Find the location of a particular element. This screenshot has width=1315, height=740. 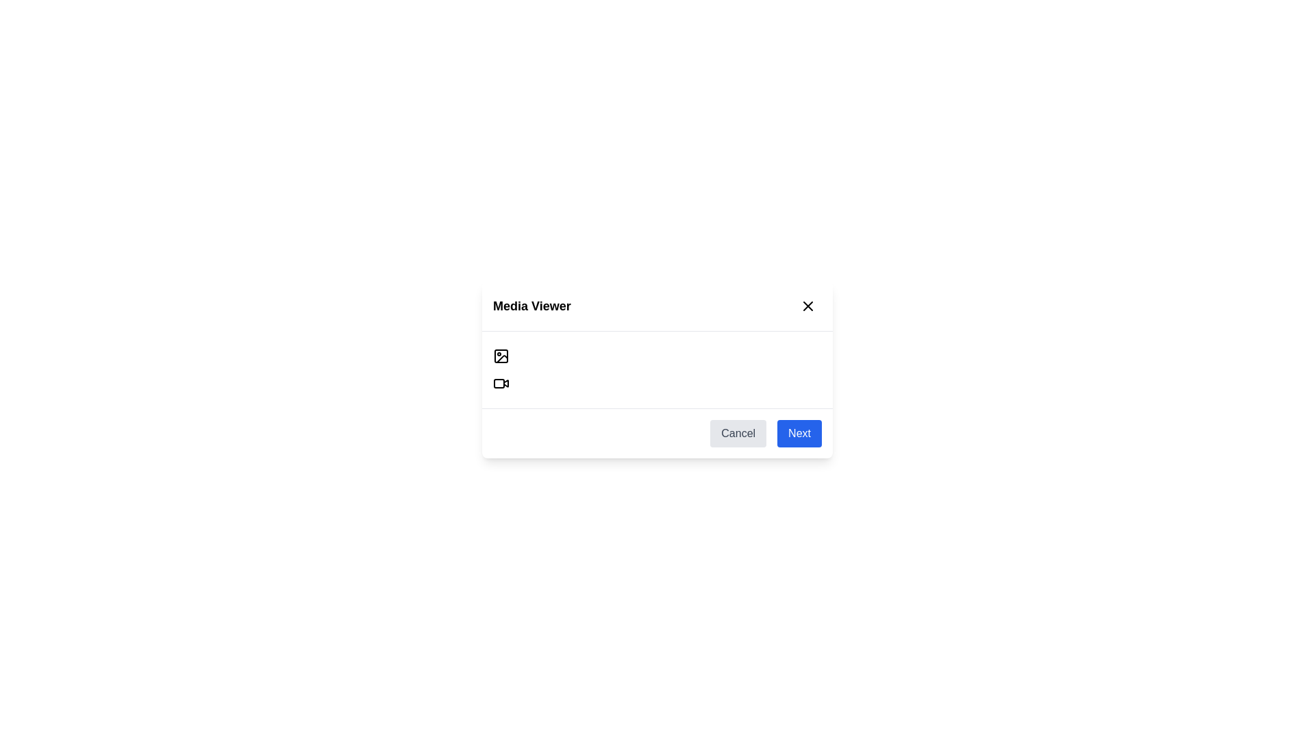

the triangular video camera icon located within a circular button is located at coordinates (505, 383).